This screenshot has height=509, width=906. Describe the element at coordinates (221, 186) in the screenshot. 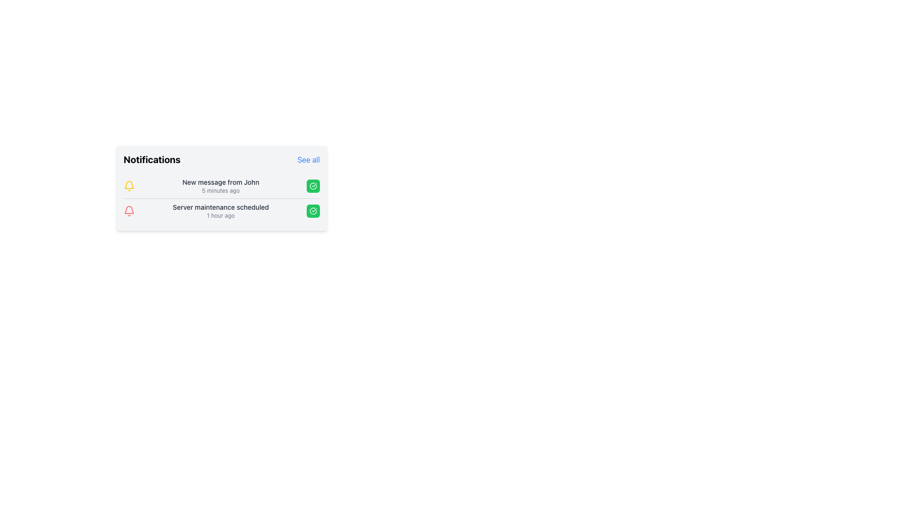

I see `the first notification entry in the notifications list, which provides information about recent updates` at that location.